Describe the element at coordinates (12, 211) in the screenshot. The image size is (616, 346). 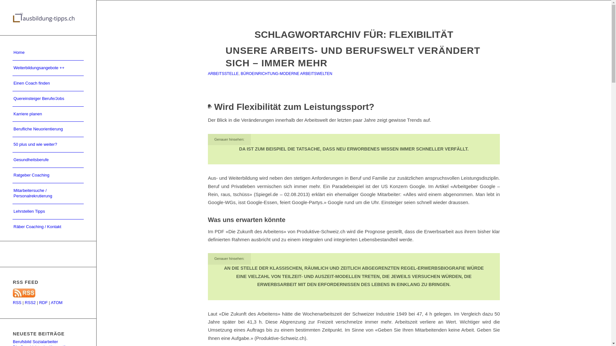
I see `'Lehrstellen Tipps'` at that location.